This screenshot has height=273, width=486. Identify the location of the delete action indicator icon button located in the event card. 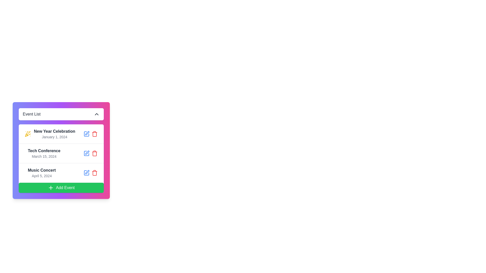
(95, 172).